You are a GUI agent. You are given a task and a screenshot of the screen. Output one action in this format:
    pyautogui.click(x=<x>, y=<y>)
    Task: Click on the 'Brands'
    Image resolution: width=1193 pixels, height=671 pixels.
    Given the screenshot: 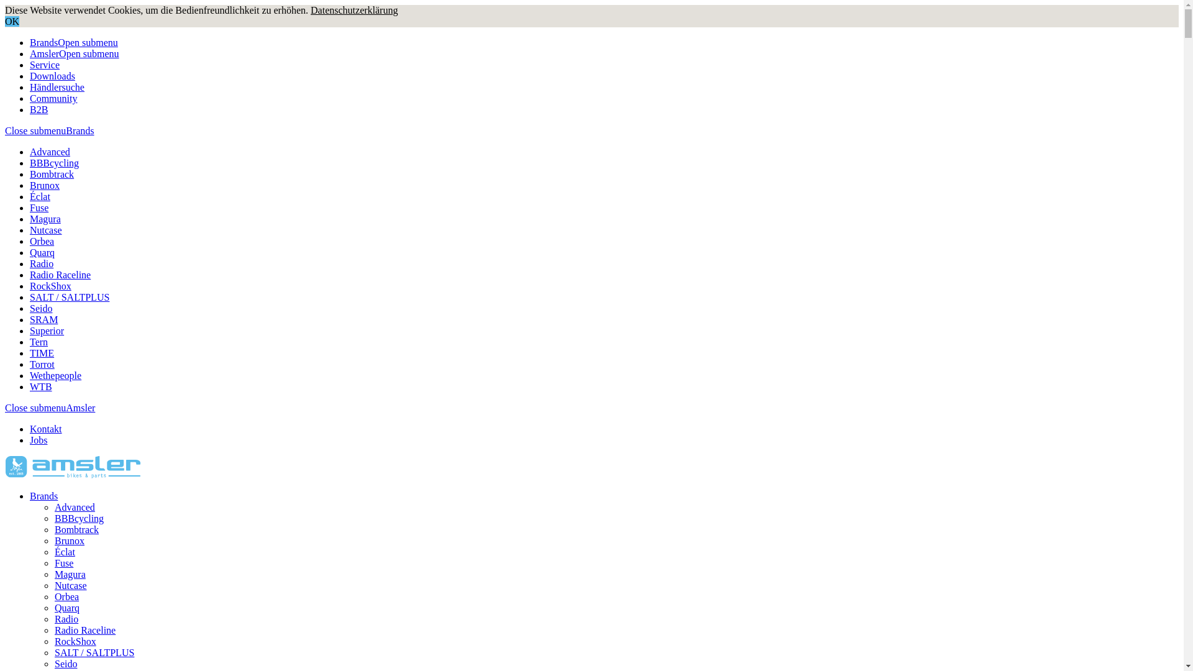 What is the action you would take?
    pyautogui.click(x=79, y=130)
    